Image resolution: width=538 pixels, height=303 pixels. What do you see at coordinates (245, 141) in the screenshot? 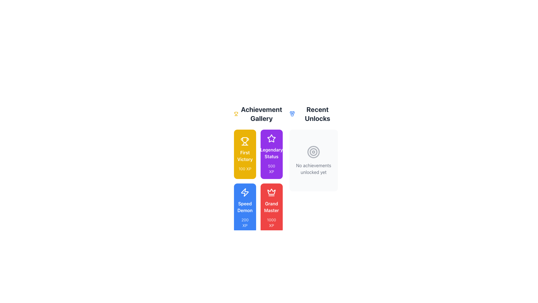
I see `the 'First Victory' achievement icon located at the top of the orange-colored card in the 'Achievement Gallery' panel` at bounding box center [245, 141].